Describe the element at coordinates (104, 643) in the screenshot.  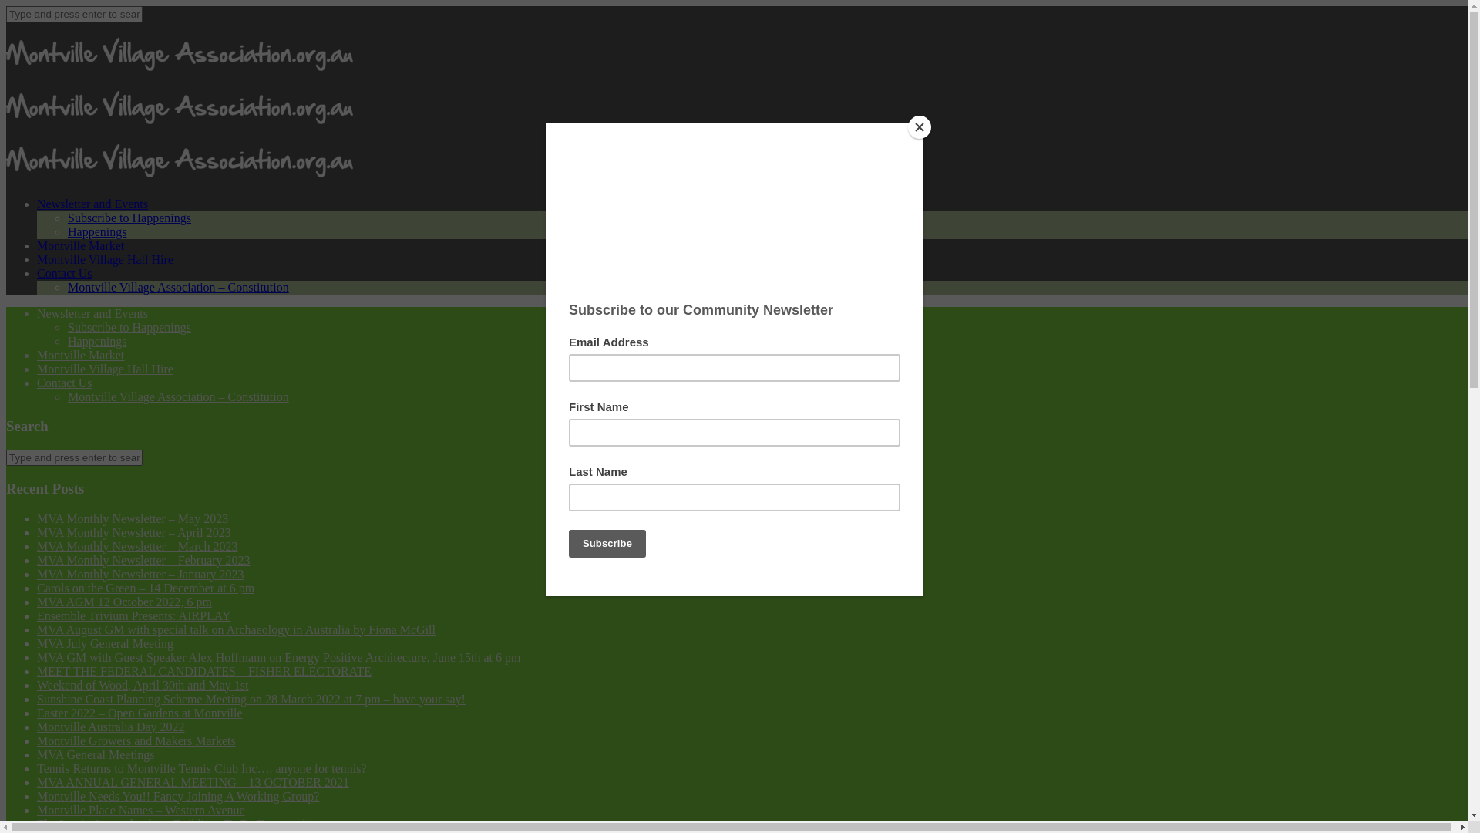
I see `'MVA July General Meeting'` at that location.